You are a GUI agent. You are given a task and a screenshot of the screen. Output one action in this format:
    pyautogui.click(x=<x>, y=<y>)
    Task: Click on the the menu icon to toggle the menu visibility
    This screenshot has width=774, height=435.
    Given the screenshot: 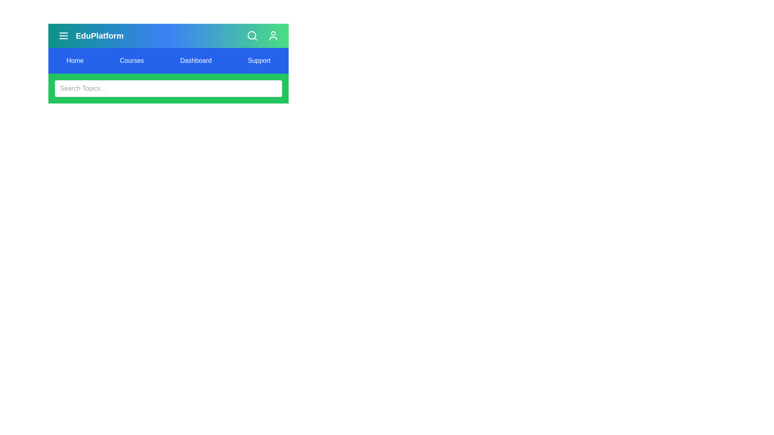 What is the action you would take?
    pyautogui.click(x=63, y=35)
    